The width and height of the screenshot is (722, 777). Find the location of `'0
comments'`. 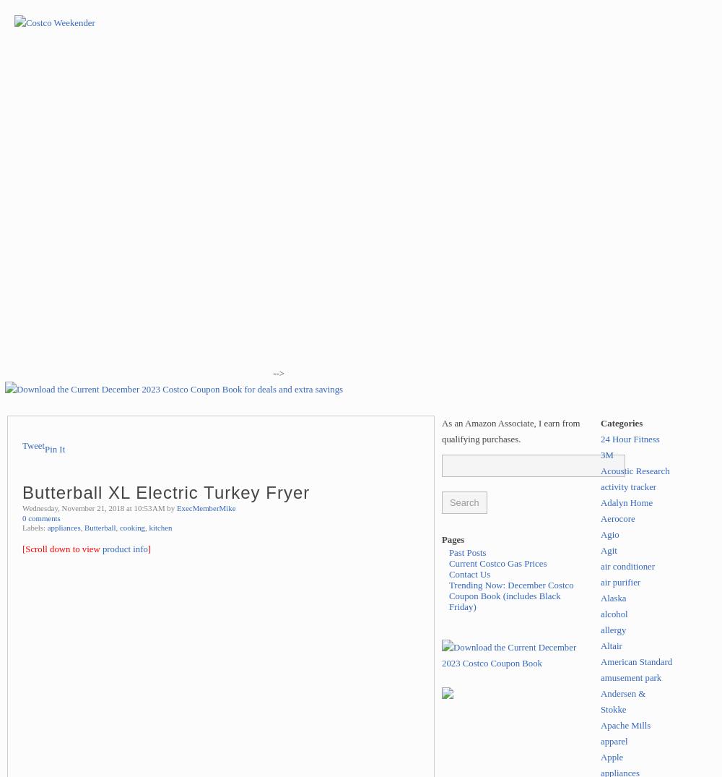

'0
comments' is located at coordinates (41, 516).